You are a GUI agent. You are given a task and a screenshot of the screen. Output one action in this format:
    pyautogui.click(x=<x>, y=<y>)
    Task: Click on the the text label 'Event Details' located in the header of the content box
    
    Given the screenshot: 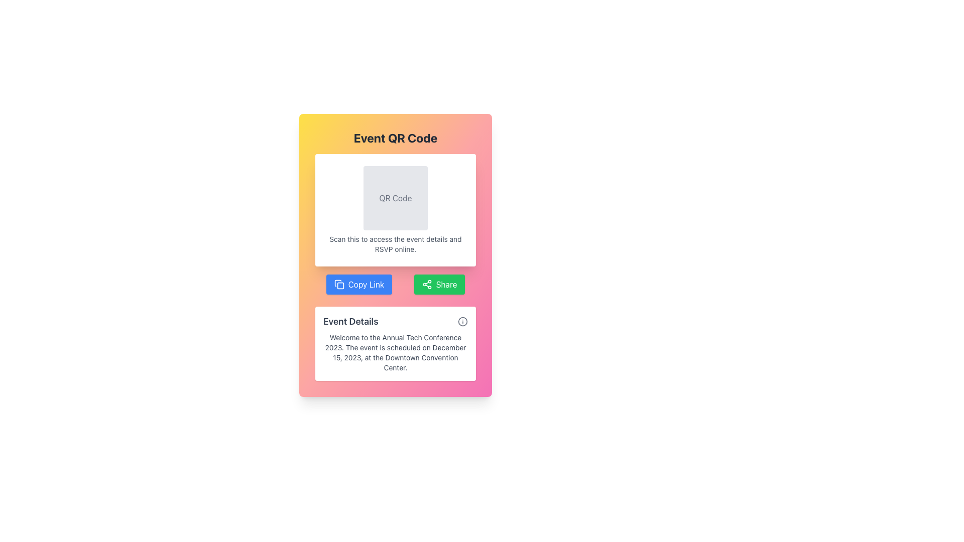 What is the action you would take?
    pyautogui.click(x=350, y=321)
    